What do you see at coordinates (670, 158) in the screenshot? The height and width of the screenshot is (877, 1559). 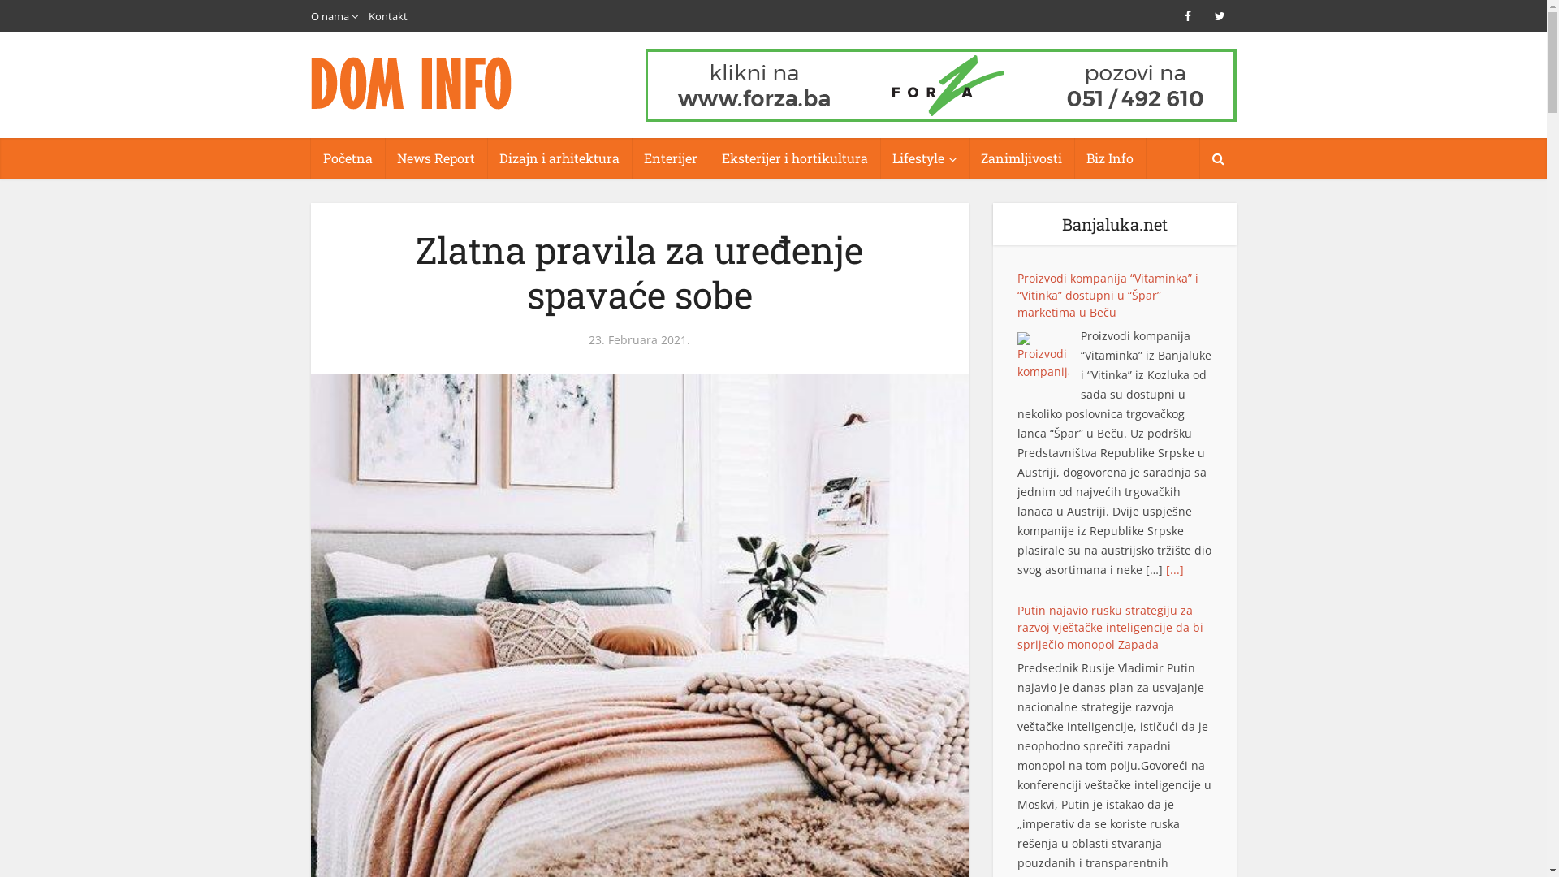 I see `'Enterijer'` at bounding box center [670, 158].